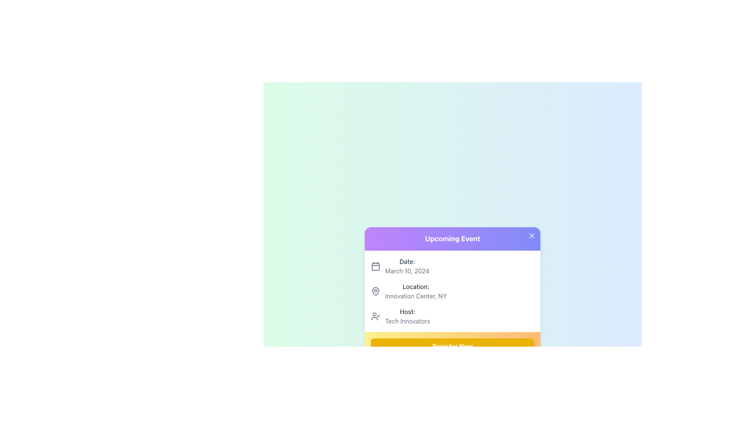 This screenshot has height=423, width=753. What do you see at coordinates (415, 287) in the screenshot?
I see `the Text Label element displaying 'Location:' which is styled in bold gray font and positioned within the event information card` at bounding box center [415, 287].